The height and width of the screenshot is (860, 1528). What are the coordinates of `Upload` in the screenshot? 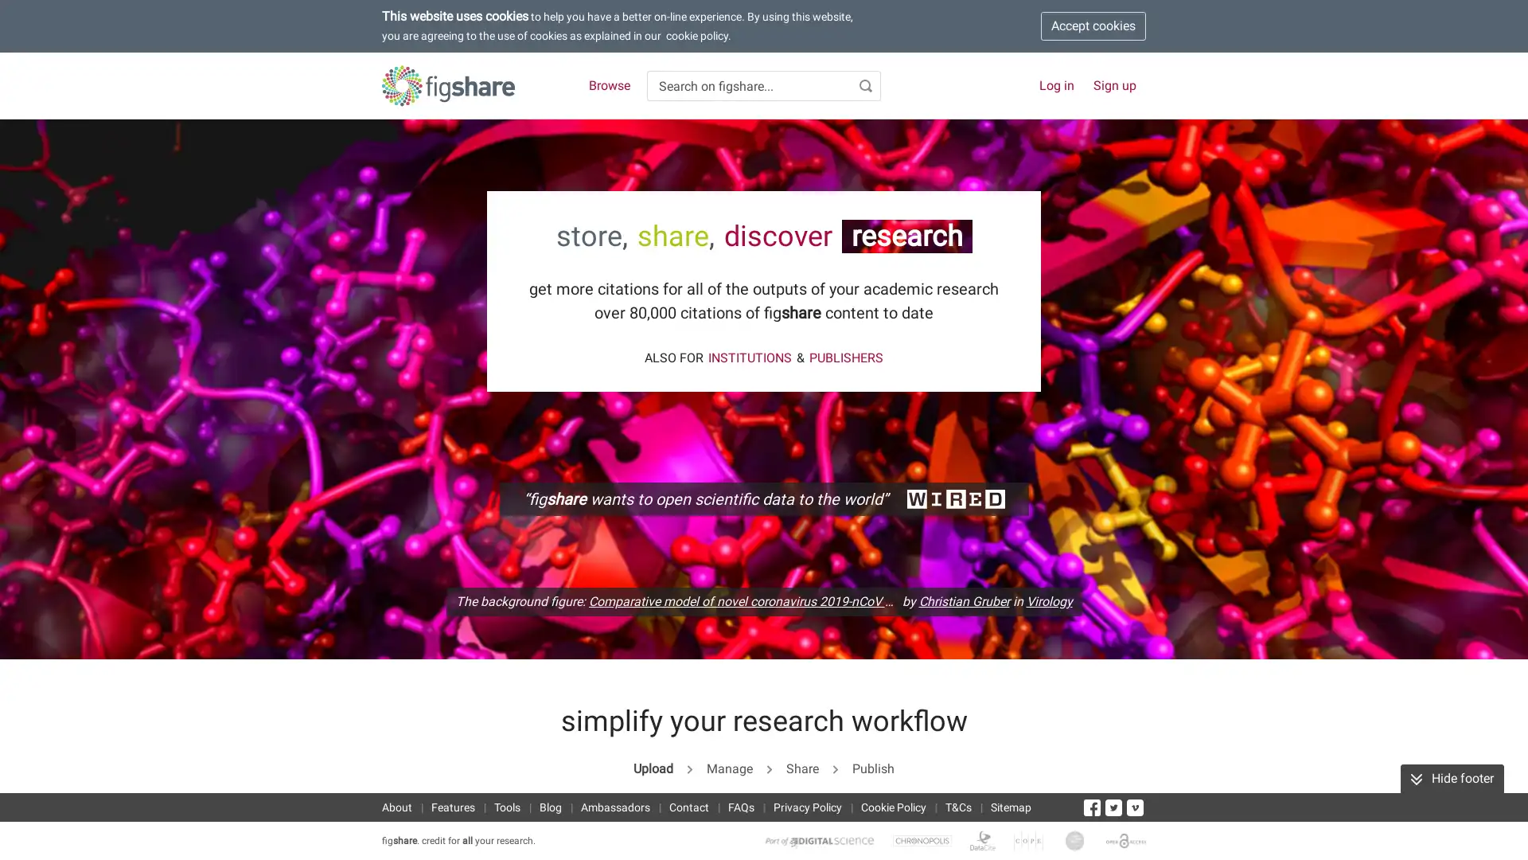 It's located at (653, 768).